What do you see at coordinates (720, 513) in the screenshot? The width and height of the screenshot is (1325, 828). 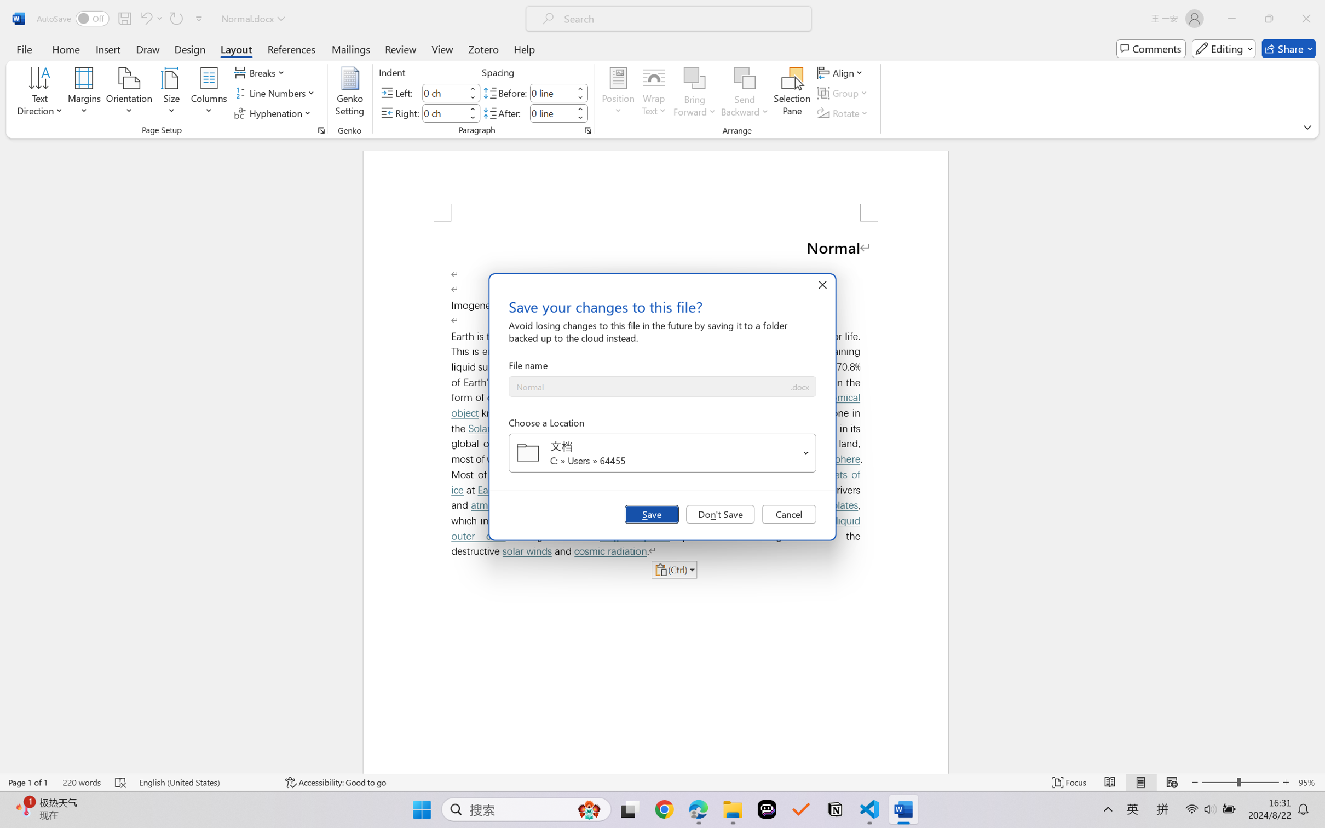 I see `'Don'` at bounding box center [720, 513].